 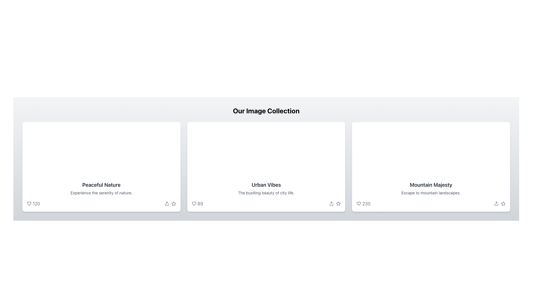 I want to click on the share icon button, which is an upward-pointing arrow located at the bottom-right corner of the 'Urban Vibes' card, so click(x=332, y=203).